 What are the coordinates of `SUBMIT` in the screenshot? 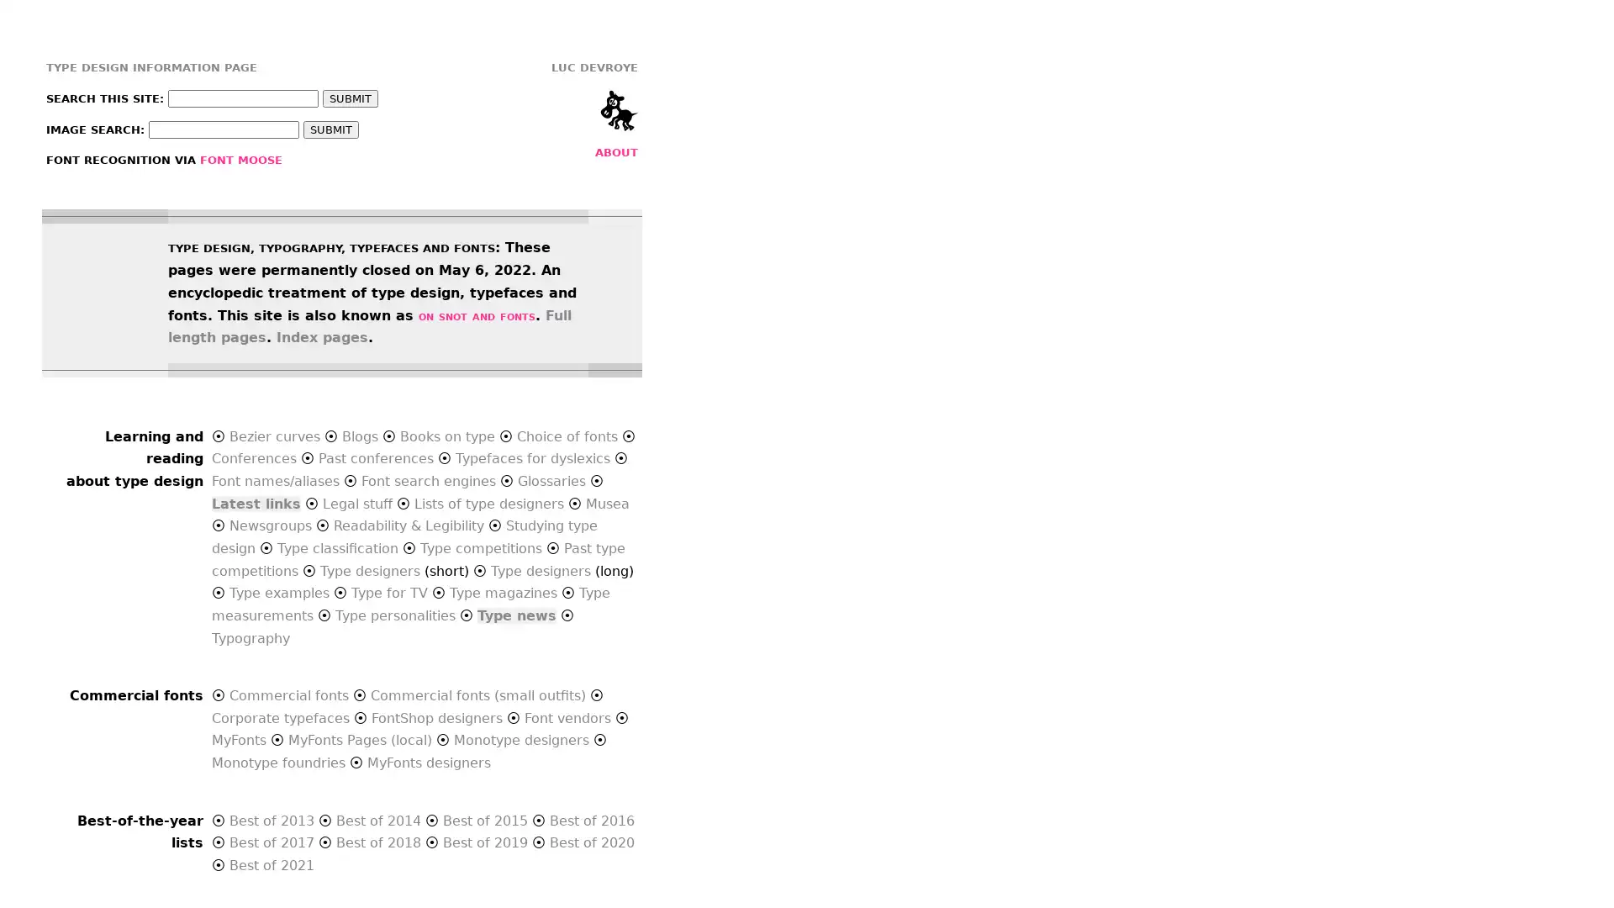 It's located at (350, 98).